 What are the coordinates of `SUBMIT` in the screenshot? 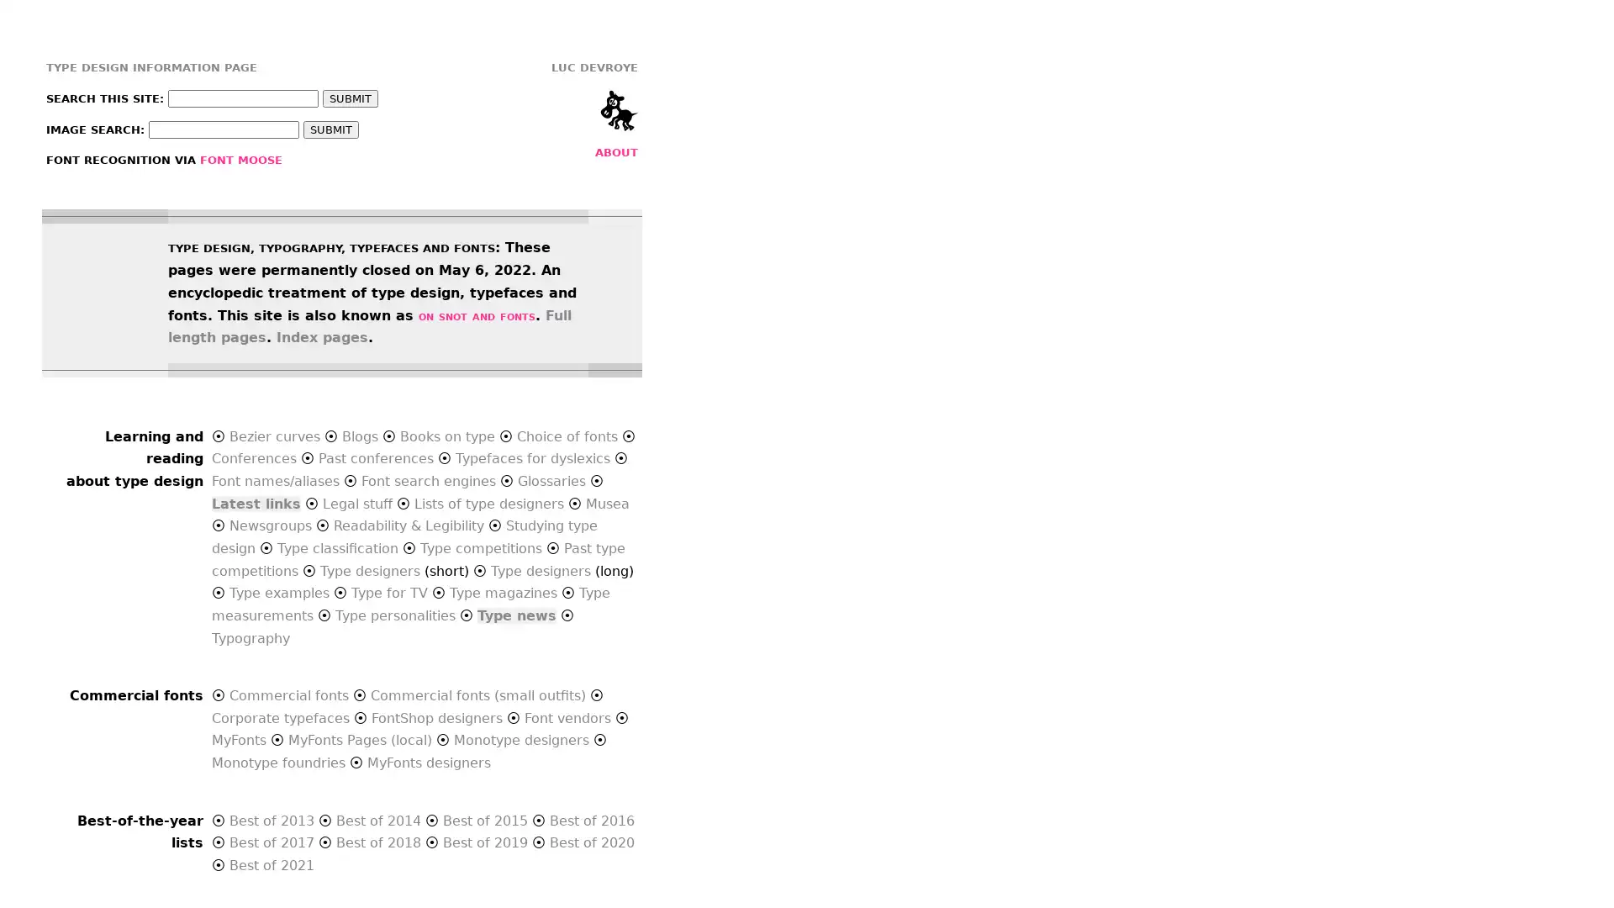 It's located at (350, 98).